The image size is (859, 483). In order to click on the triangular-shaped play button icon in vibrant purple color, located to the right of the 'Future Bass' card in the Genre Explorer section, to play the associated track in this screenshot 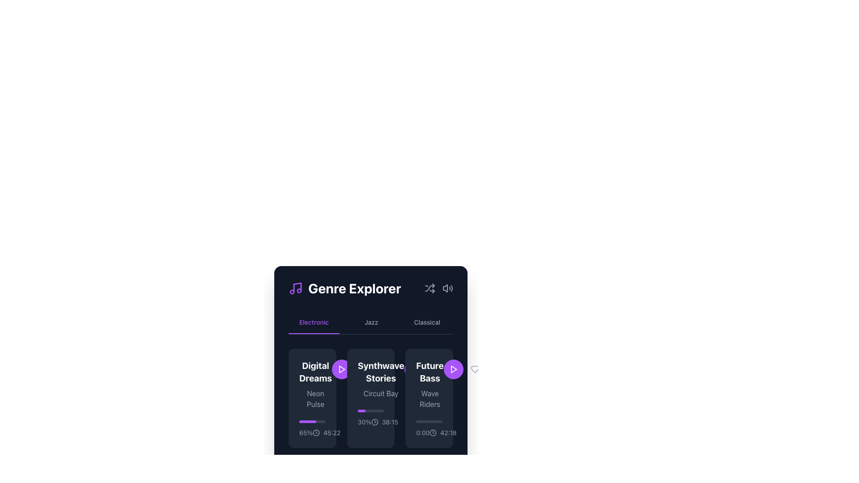, I will do `click(454, 369)`.